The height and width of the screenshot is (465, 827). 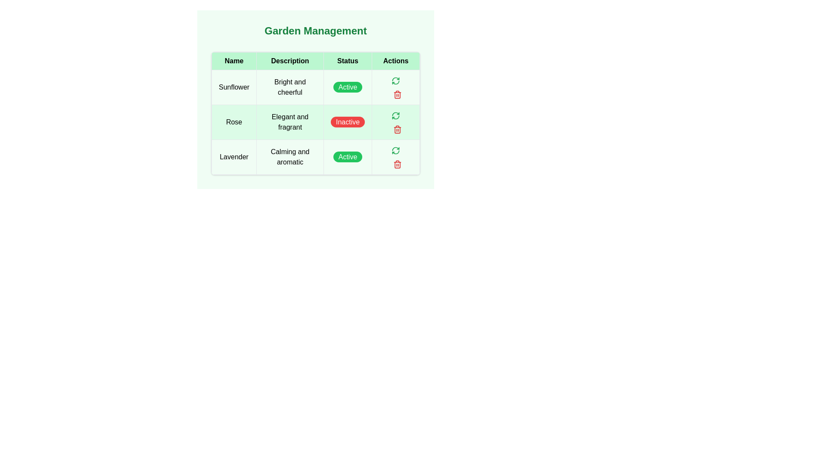 I want to click on the 'Active' badge in the 'Status' column of the table for the 'Sunflower' row, so click(x=348, y=87).